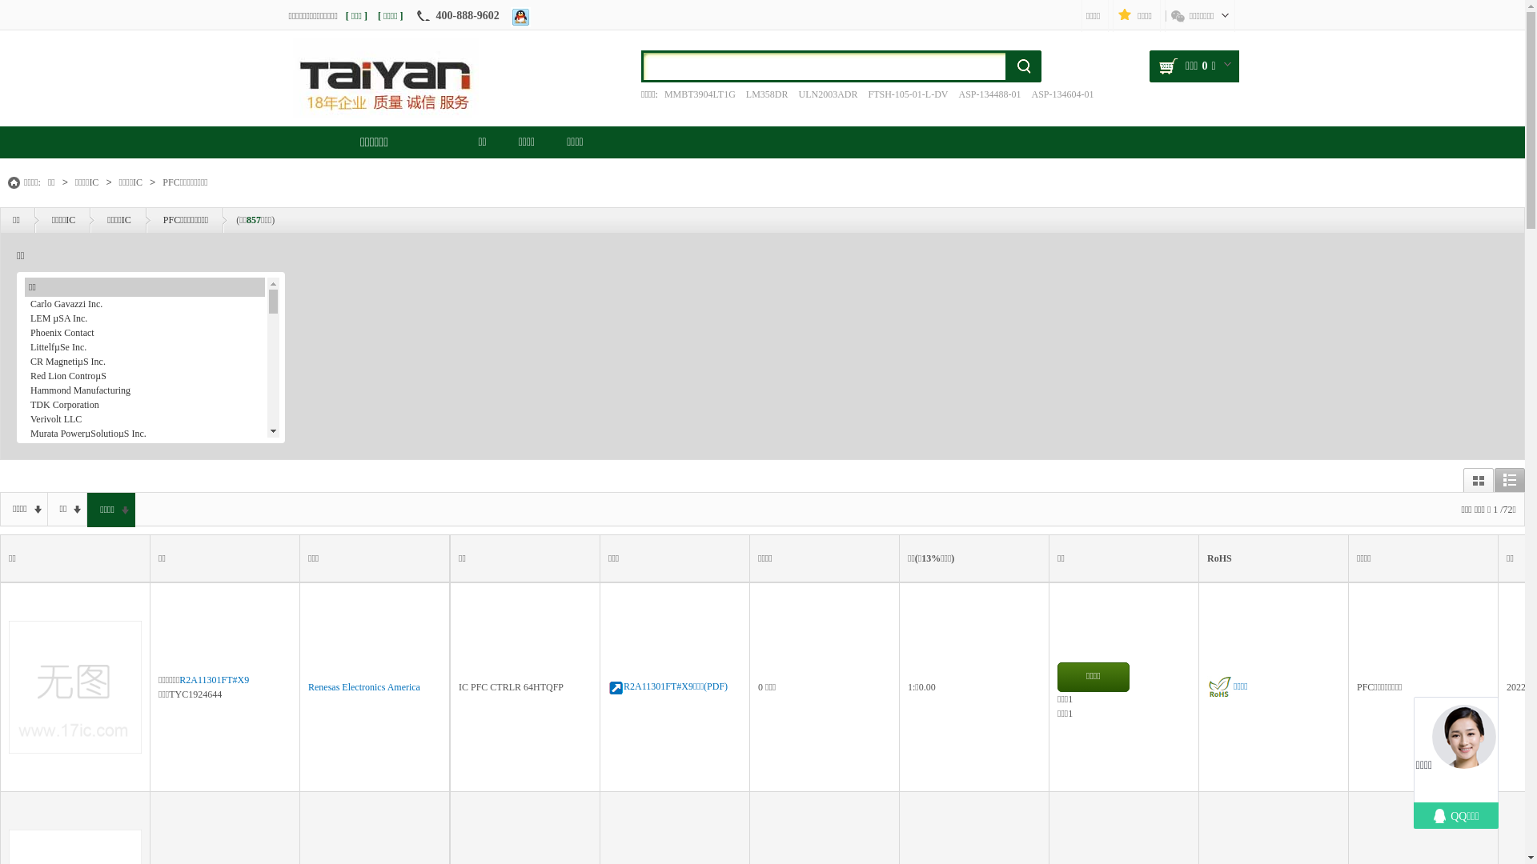 The height and width of the screenshot is (864, 1537). I want to click on 'ASP-134604-01', so click(1063, 94).